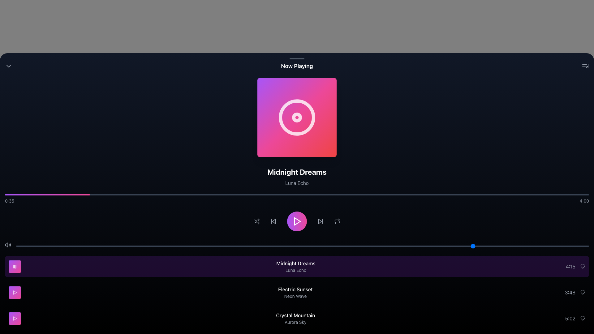 This screenshot has width=594, height=334. What do you see at coordinates (337, 221) in the screenshot?
I see `accessibility information for the gray button with a circular repeat action icon located in the horizontal control panel below the album cover art` at bounding box center [337, 221].